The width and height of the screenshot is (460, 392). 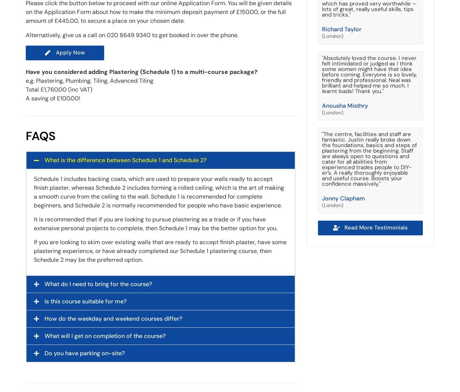 I want to click on 'Read More Testimonials', so click(x=344, y=227).